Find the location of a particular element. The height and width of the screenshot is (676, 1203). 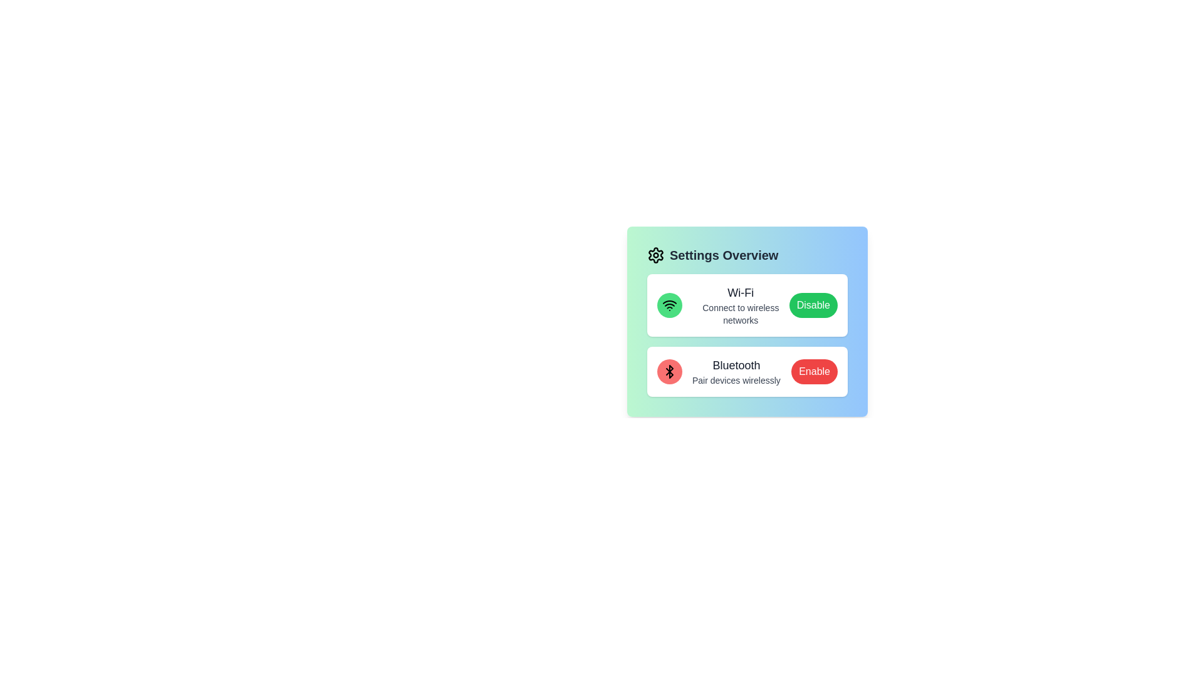

the description text of the Bluetooth setting, which reads 'Pair devices wirelessly' is located at coordinates (736, 380).